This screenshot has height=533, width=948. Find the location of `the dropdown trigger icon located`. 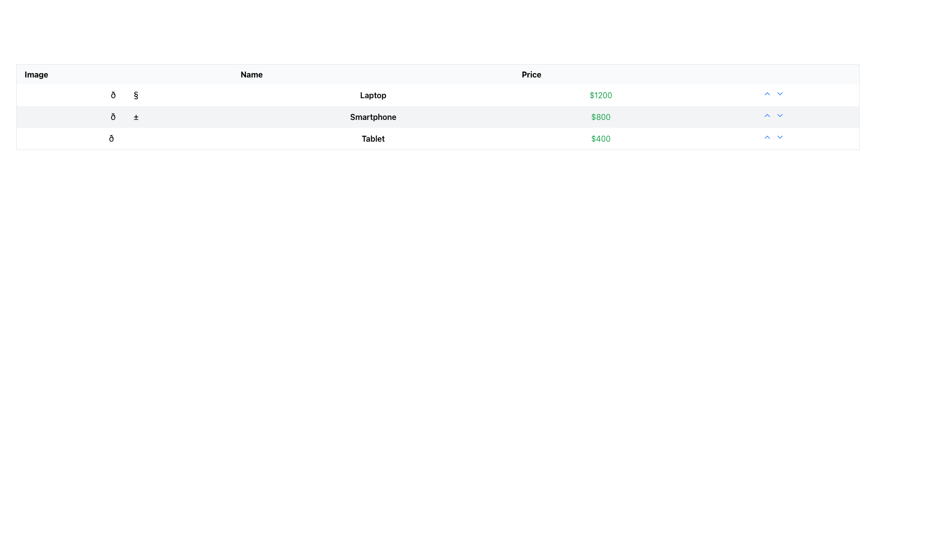

the dropdown trigger icon located is located at coordinates (779, 137).